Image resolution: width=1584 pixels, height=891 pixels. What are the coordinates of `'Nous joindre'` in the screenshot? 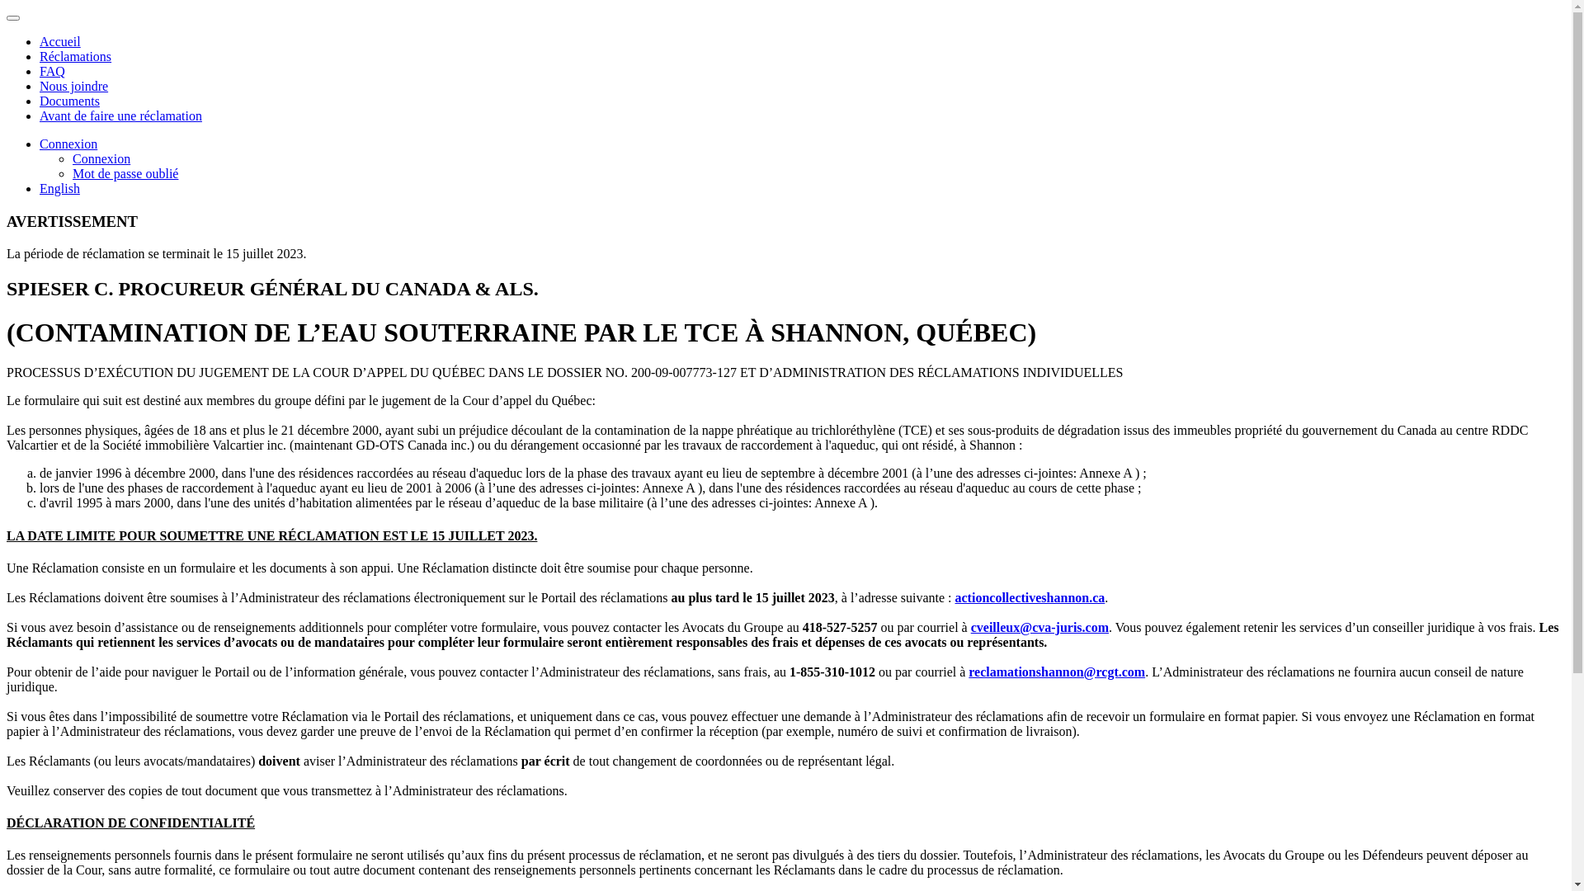 It's located at (73, 86).